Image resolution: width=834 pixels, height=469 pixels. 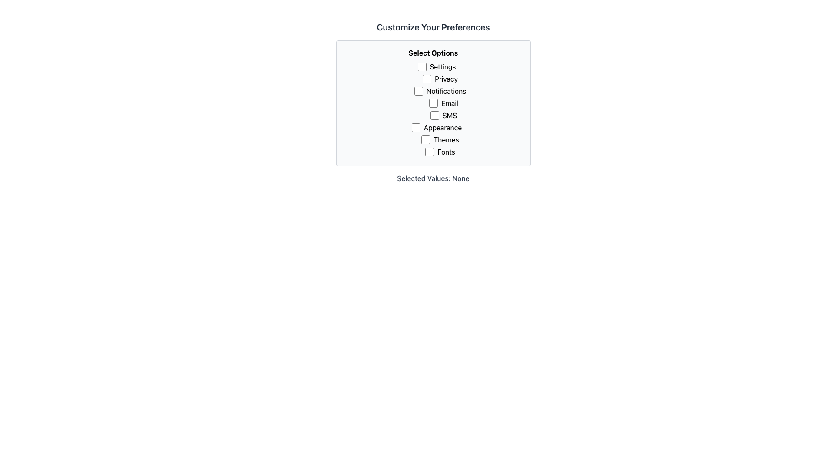 I want to click on the 'Appearance' checkbox located under the 'Select Options' heading and between 'SMS' and 'Themes' using keyboard controls, so click(x=415, y=127).